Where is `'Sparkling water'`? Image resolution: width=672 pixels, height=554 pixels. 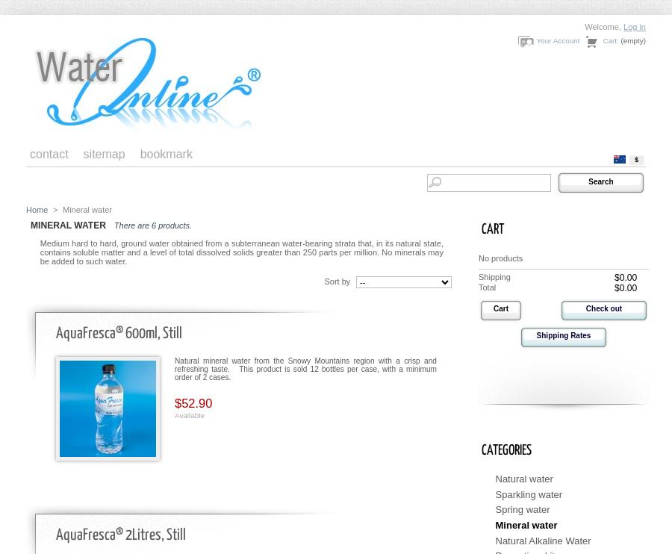
'Sparkling water' is located at coordinates (528, 493).